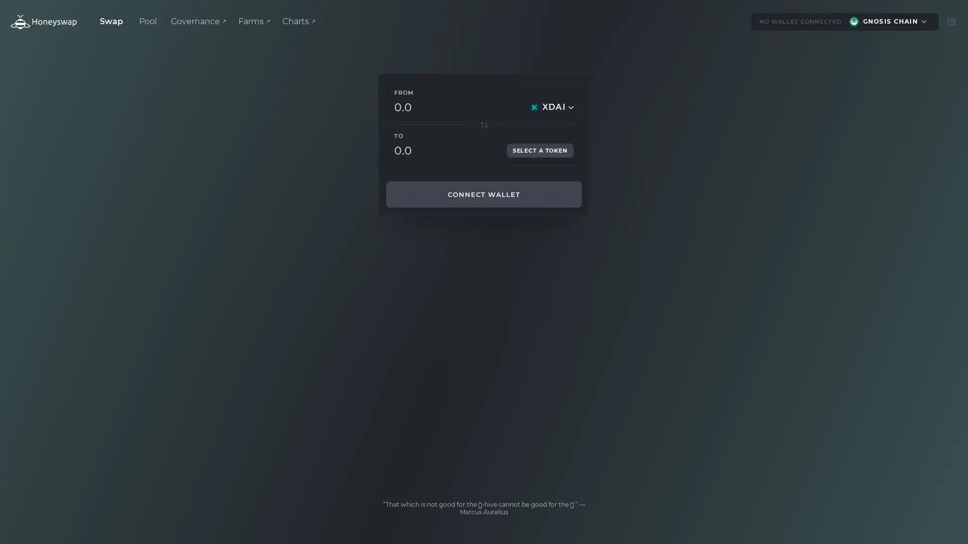  I want to click on CONNECT WALLET, so click(484, 194).